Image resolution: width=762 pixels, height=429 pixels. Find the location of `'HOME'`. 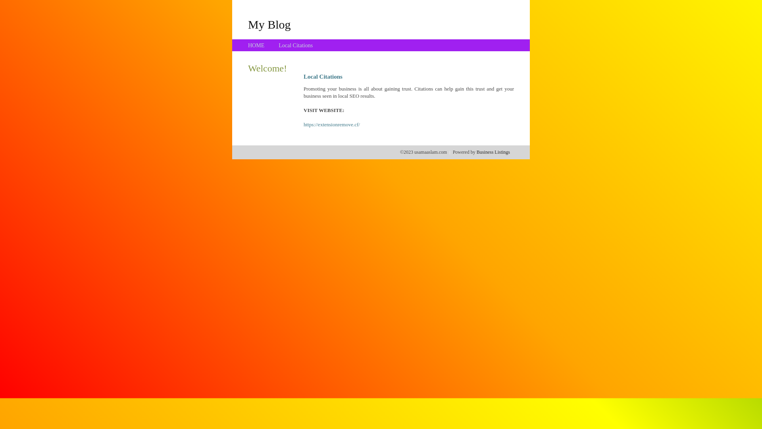

'HOME' is located at coordinates (256, 45).